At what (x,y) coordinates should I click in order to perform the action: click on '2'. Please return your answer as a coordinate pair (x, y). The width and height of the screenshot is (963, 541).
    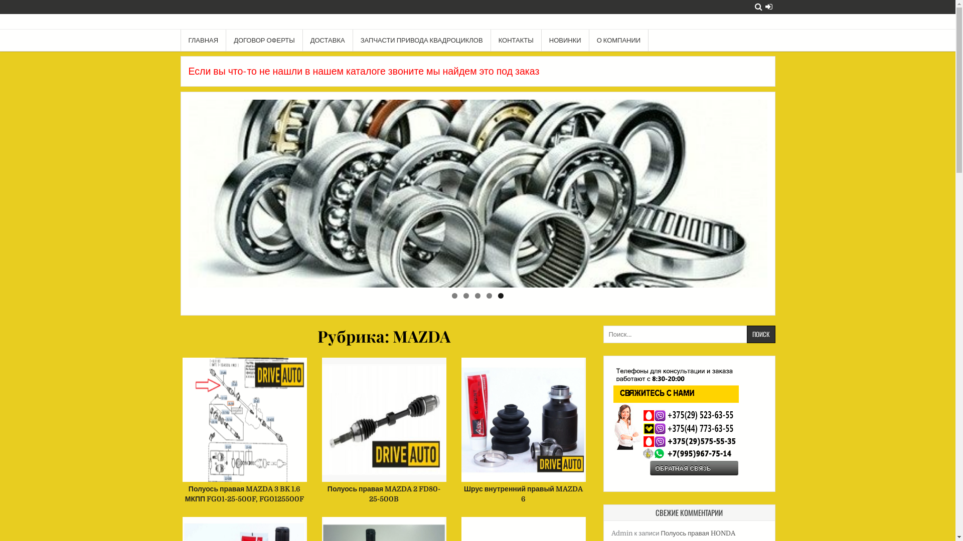
    Looking at the image, I should click on (465, 295).